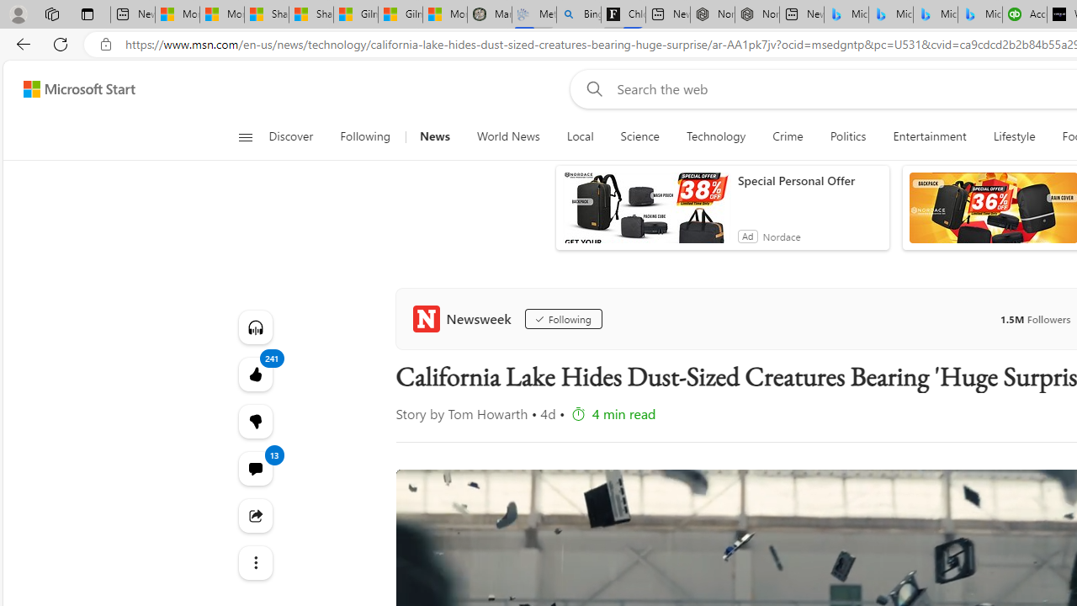 This screenshot has height=606, width=1077. I want to click on 'Technology', so click(716, 136).